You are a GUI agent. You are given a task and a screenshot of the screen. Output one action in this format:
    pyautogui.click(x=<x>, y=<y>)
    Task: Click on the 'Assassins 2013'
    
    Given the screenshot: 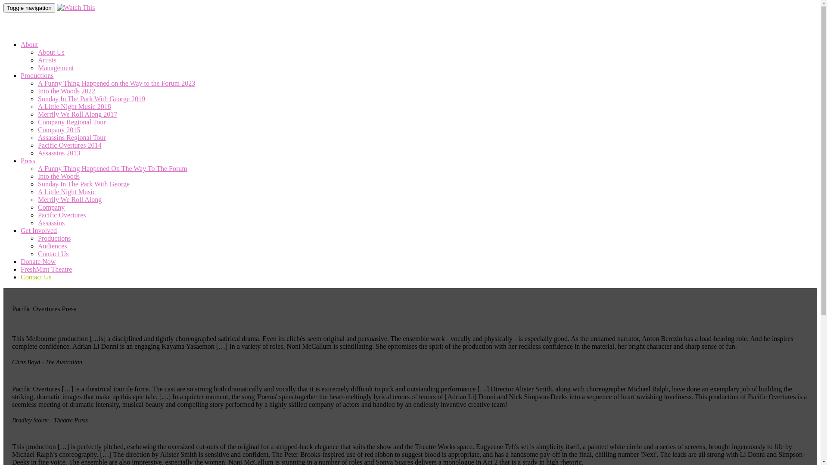 What is the action you would take?
    pyautogui.click(x=59, y=152)
    